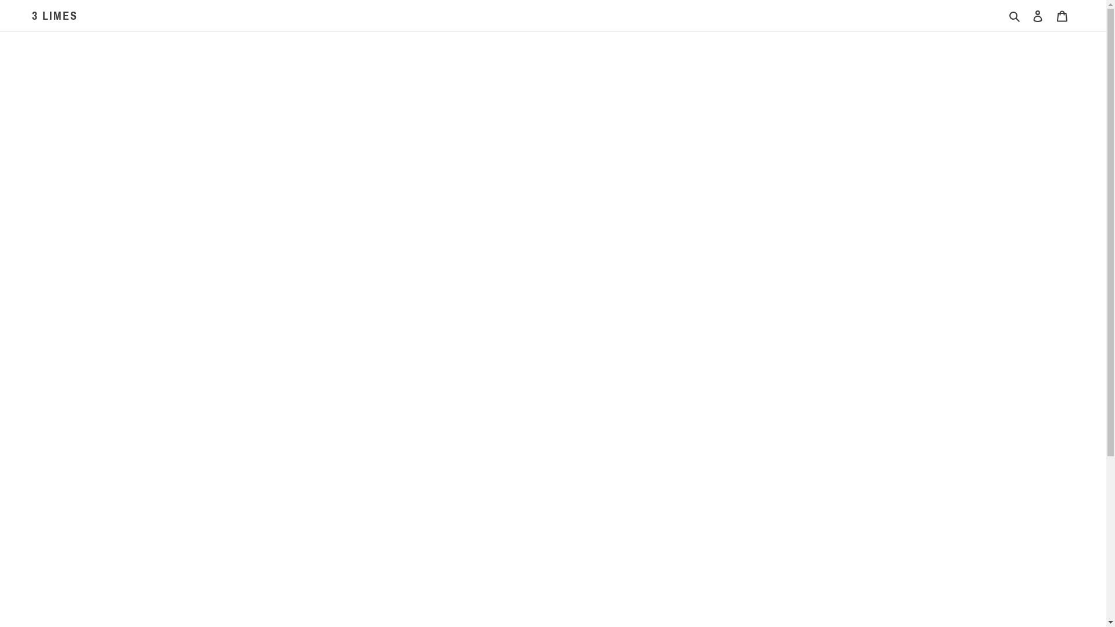 The image size is (1115, 627). What do you see at coordinates (1062, 16) in the screenshot?
I see `'Cart'` at bounding box center [1062, 16].